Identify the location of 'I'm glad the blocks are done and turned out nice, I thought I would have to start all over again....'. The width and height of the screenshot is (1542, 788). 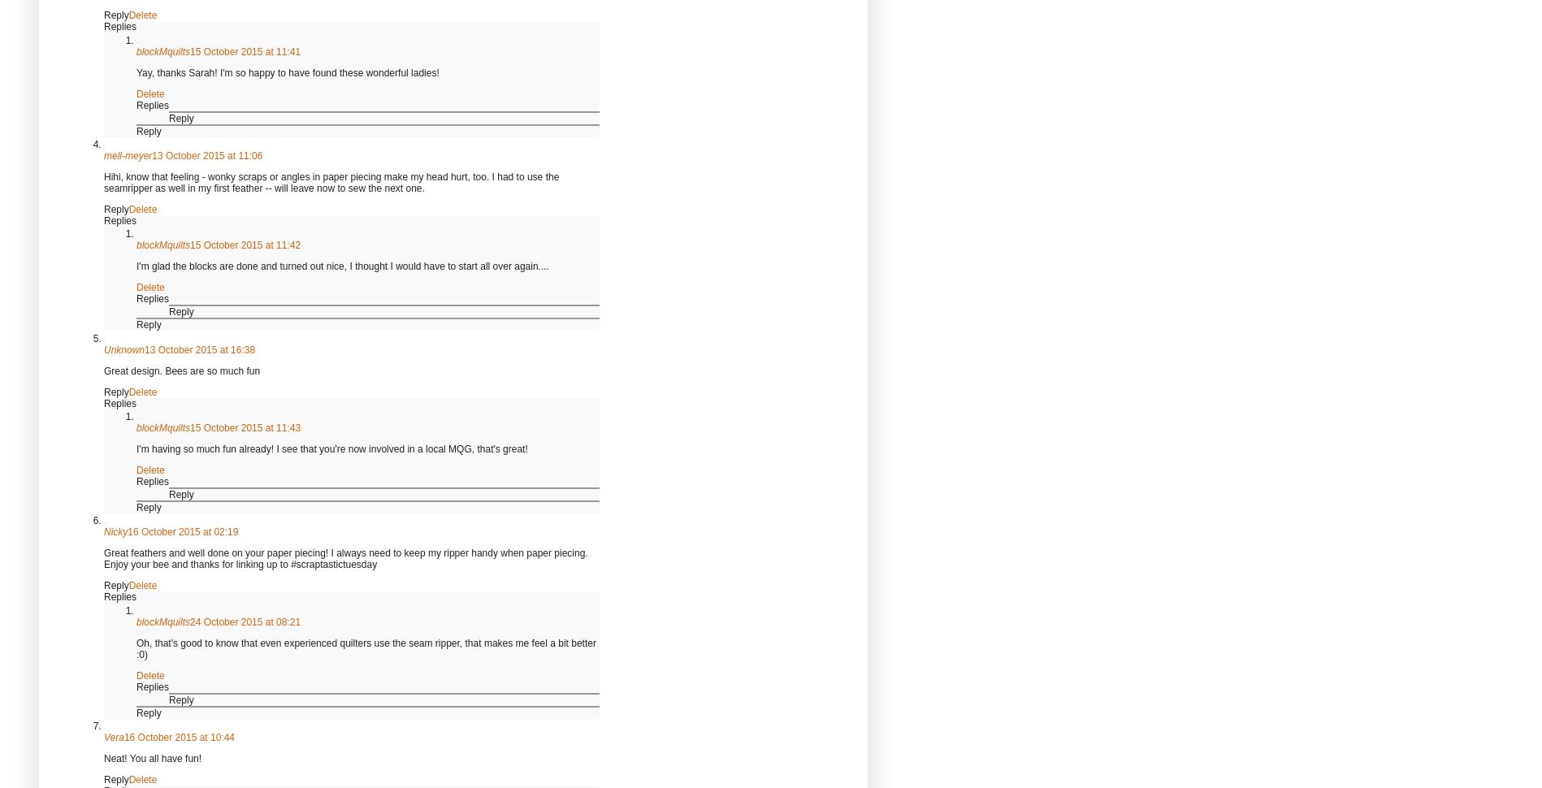
(135, 266).